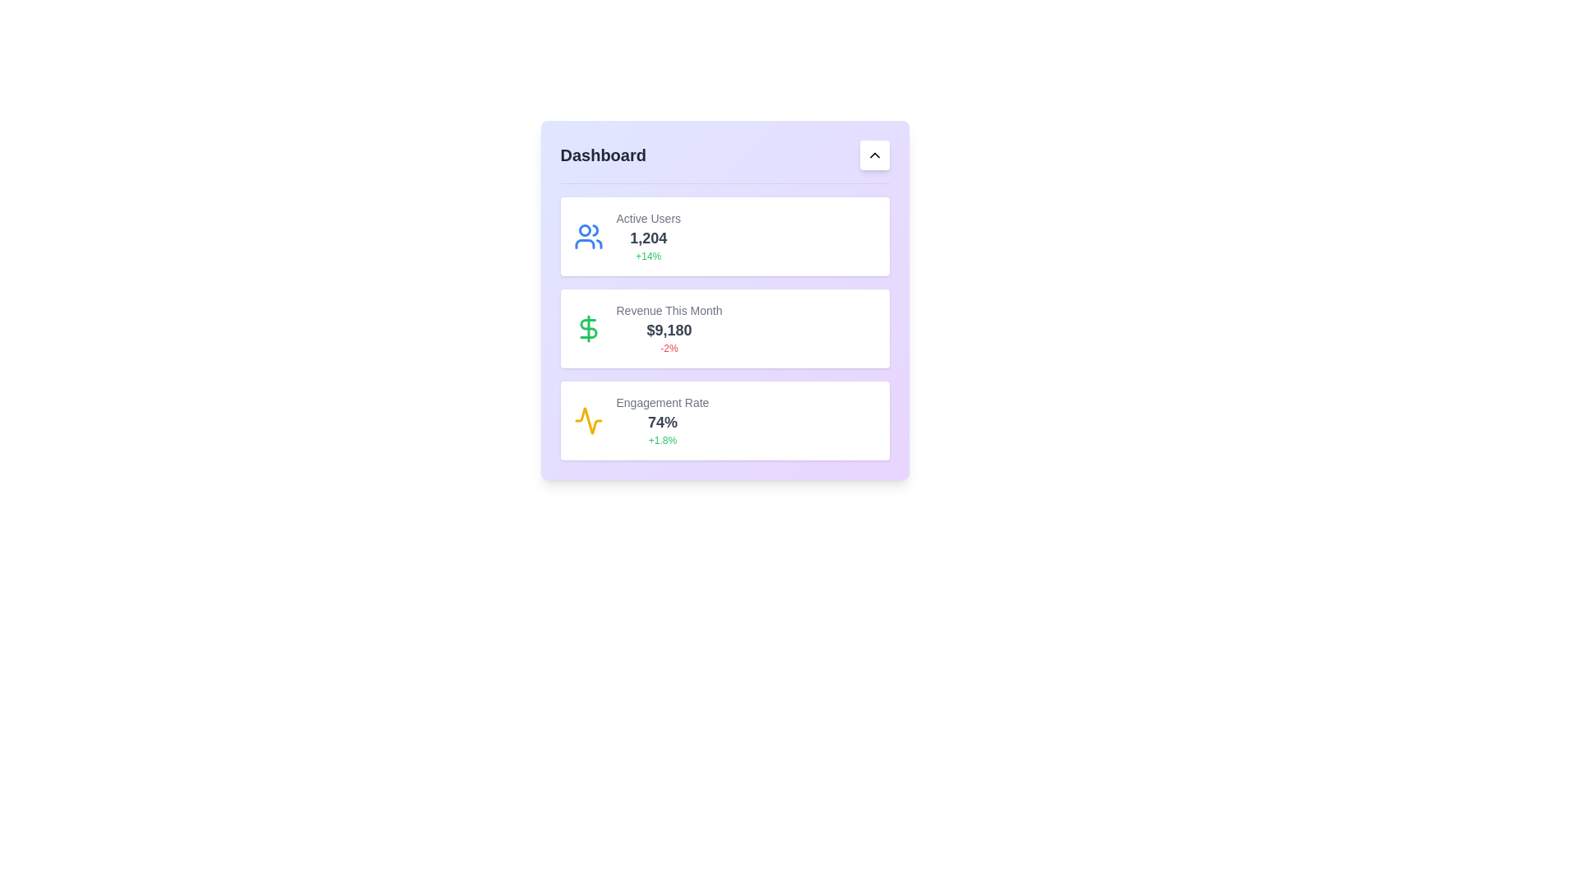 This screenshot has width=1579, height=888. What do you see at coordinates (647, 238) in the screenshot?
I see `the Text Display that shows the numerical value '1,204', which is located within the card titled 'Active Users' and styled in a bold, large dark gray font` at bounding box center [647, 238].